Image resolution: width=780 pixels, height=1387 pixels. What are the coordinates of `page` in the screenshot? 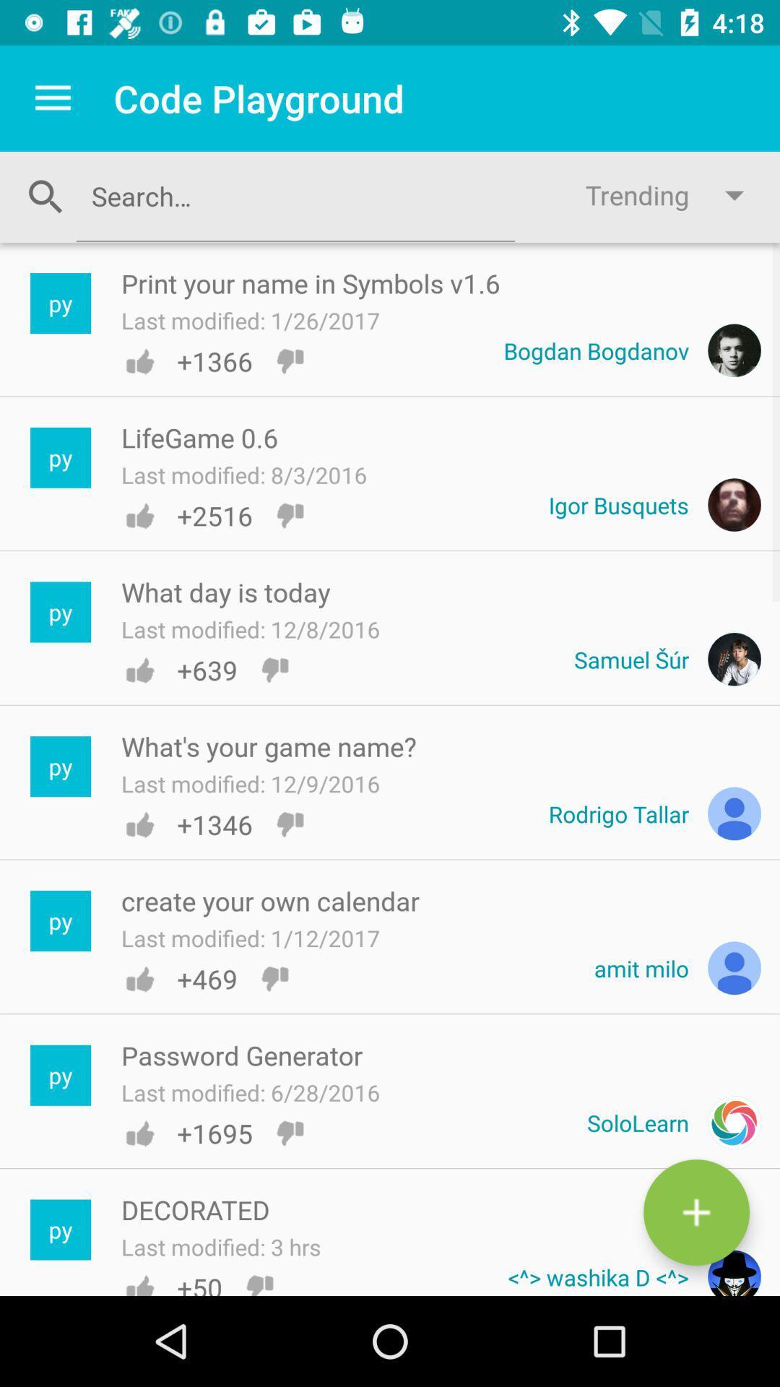 It's located at (695, 1212).